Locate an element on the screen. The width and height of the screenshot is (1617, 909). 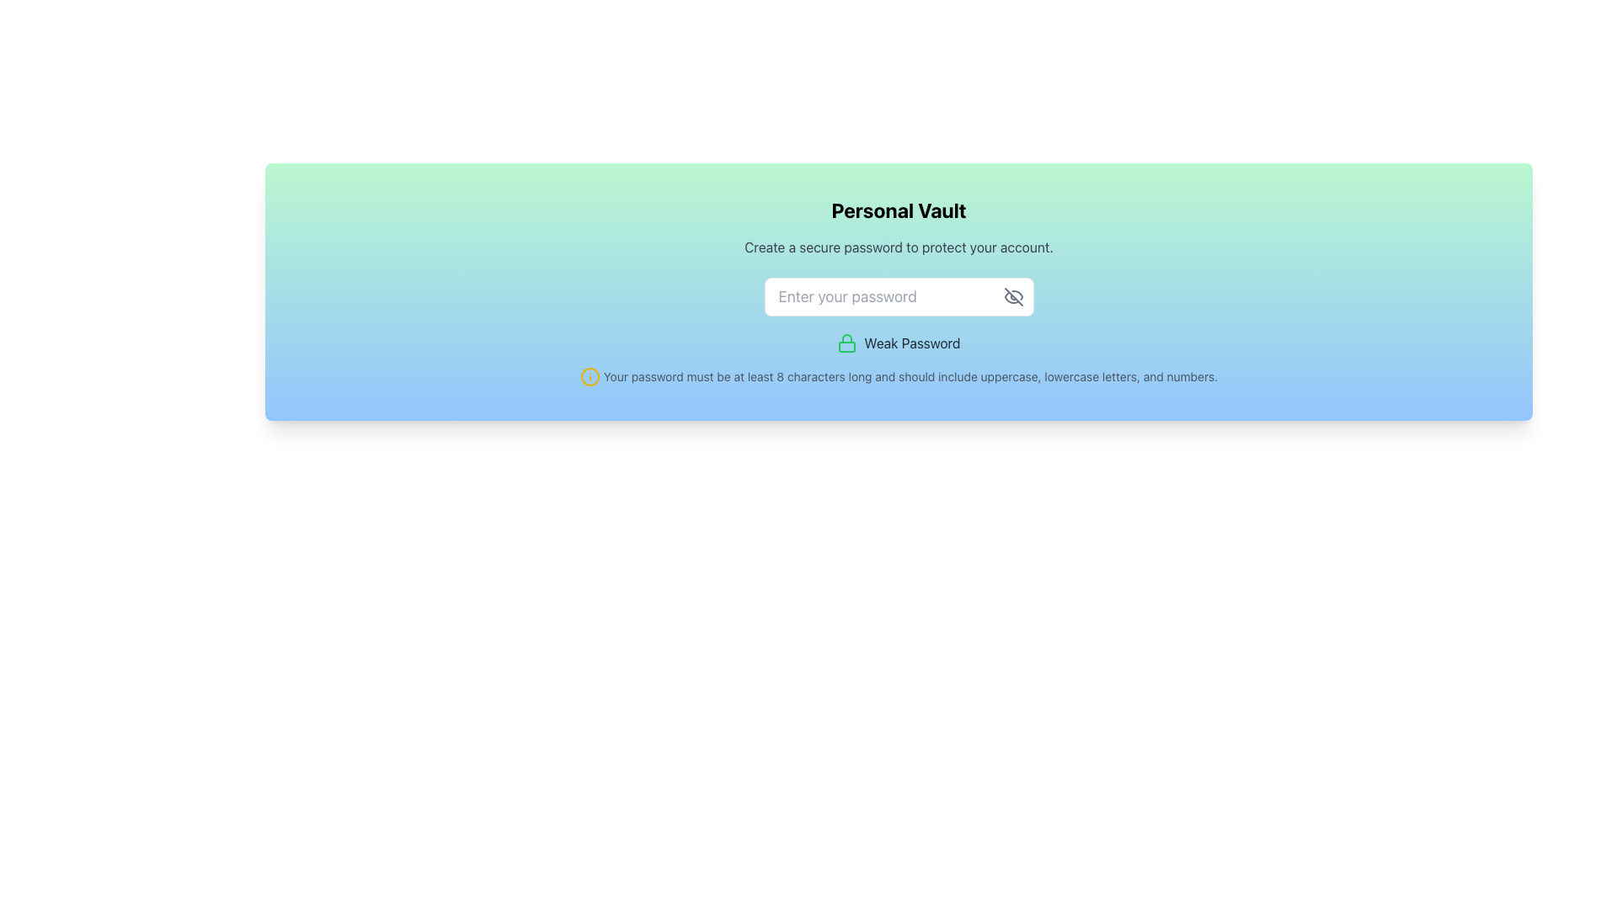
the static text label with an icon indicating the security level of the user's password input, which is located below the password input box and above the text description detailing password requirements is located at coordinates (898, 343).